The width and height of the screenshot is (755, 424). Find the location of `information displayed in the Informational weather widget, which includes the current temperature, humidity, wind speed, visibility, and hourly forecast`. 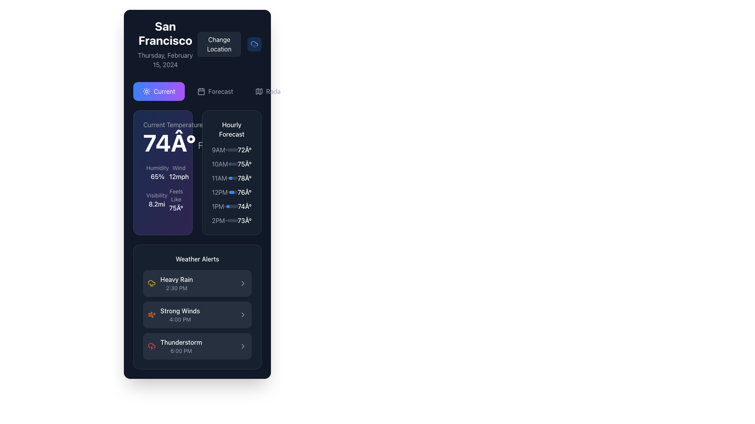

information displayed in the Informational weather widget, which includes the current temperature, humidity, wind speed, visibility, and hourly forecast is located at coordinates (197, 172).